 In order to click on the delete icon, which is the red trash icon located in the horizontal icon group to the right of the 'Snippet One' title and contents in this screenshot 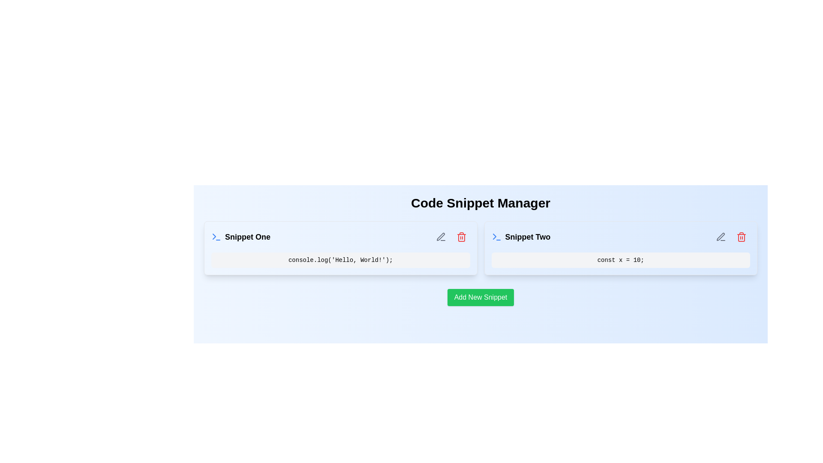, I will do `click(451, 237)`.